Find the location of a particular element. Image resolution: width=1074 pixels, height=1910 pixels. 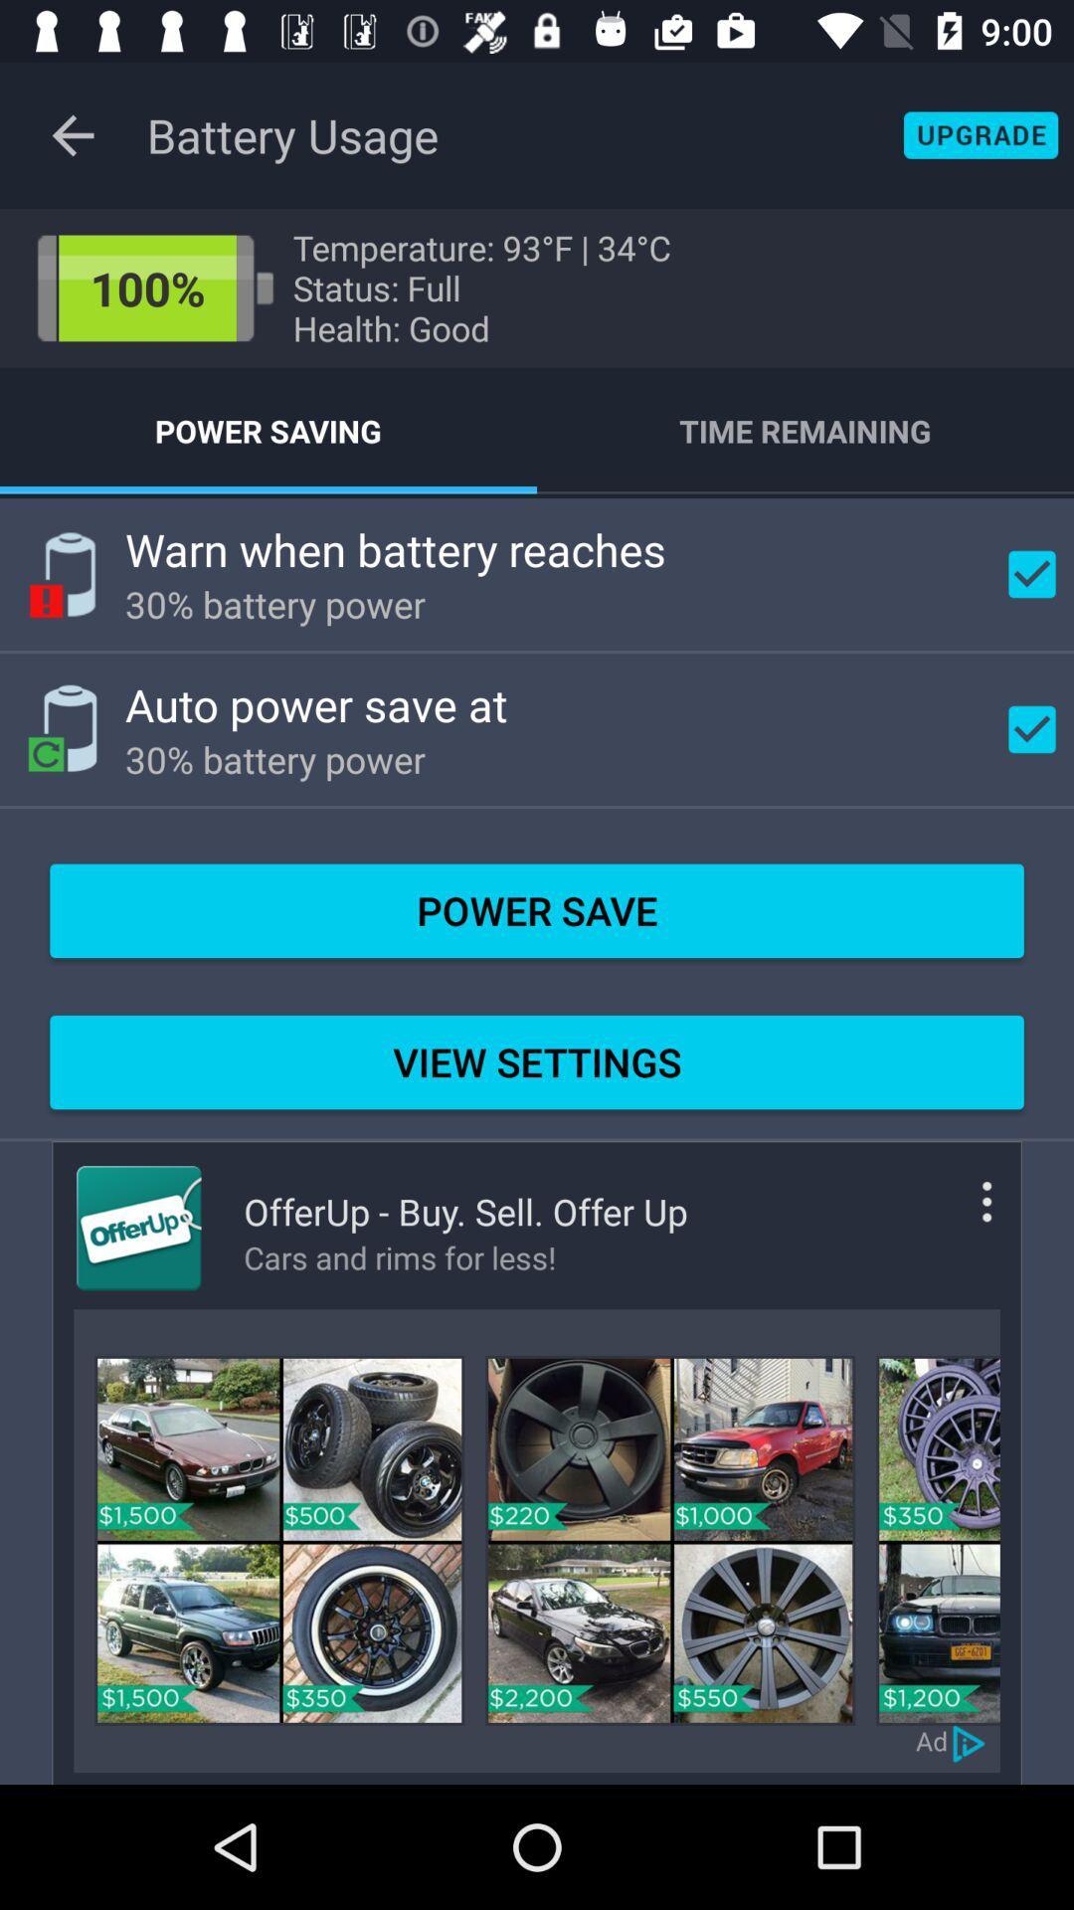

this advertisement is located at coordinates (279, 1539).